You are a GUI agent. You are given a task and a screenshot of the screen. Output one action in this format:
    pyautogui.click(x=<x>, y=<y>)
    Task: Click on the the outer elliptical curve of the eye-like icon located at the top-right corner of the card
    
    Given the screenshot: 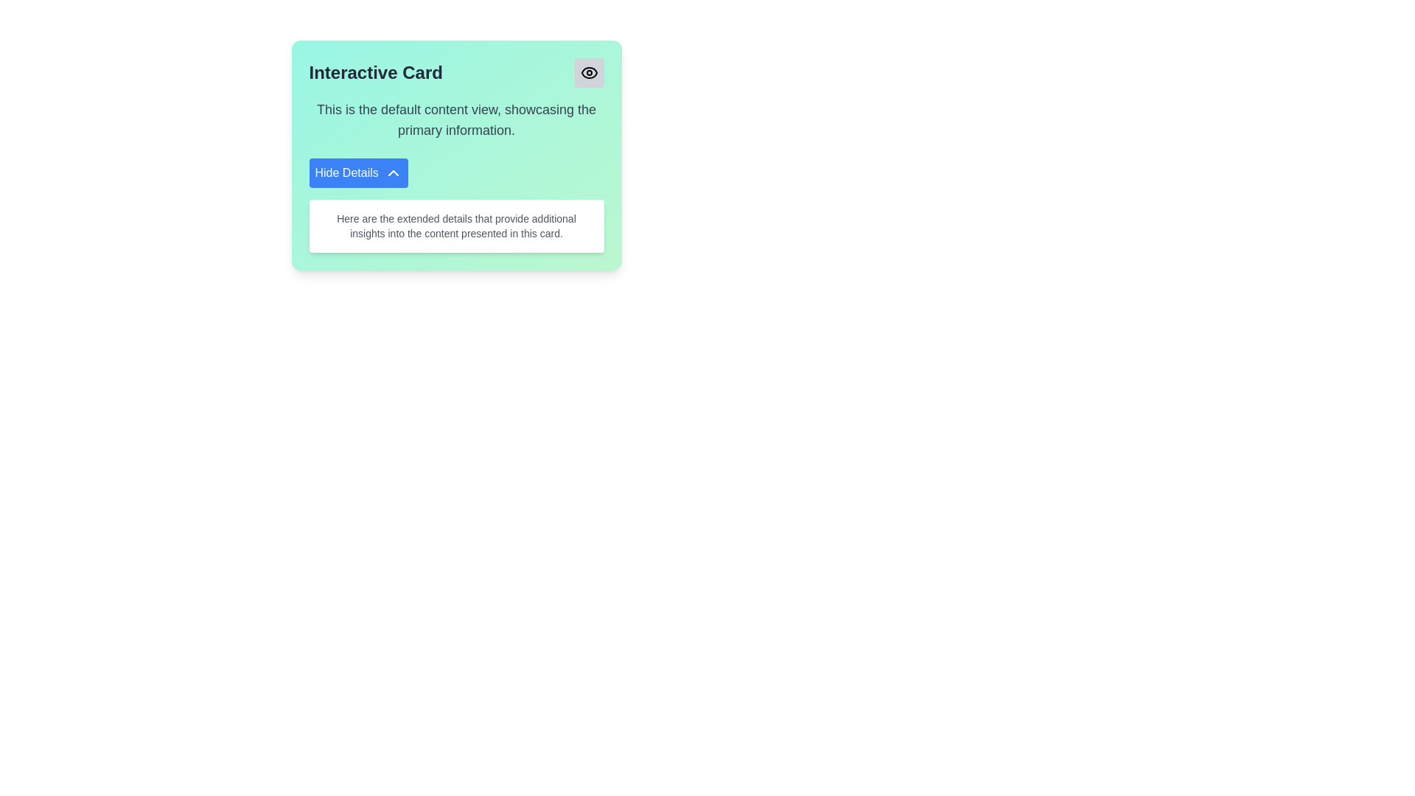 What is the action you would take?
    pyautogui.click(x=588, y=73)
    